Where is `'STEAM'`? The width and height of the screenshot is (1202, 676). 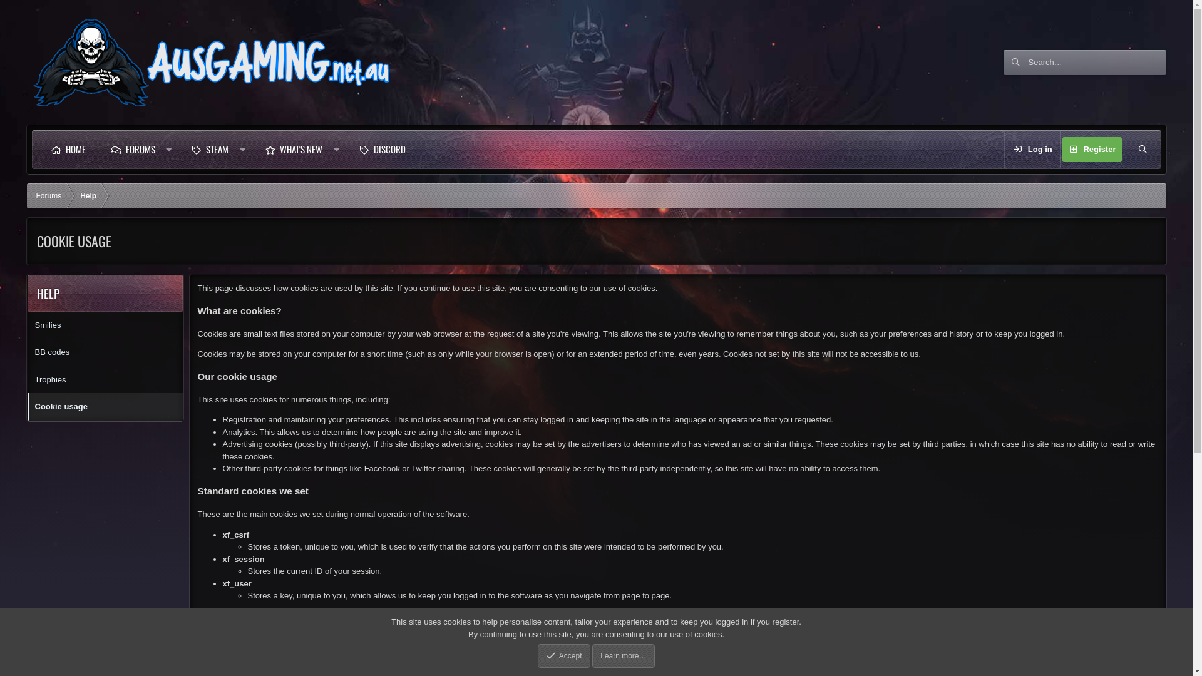
'STEAM' is located at coordinates (177, 149).